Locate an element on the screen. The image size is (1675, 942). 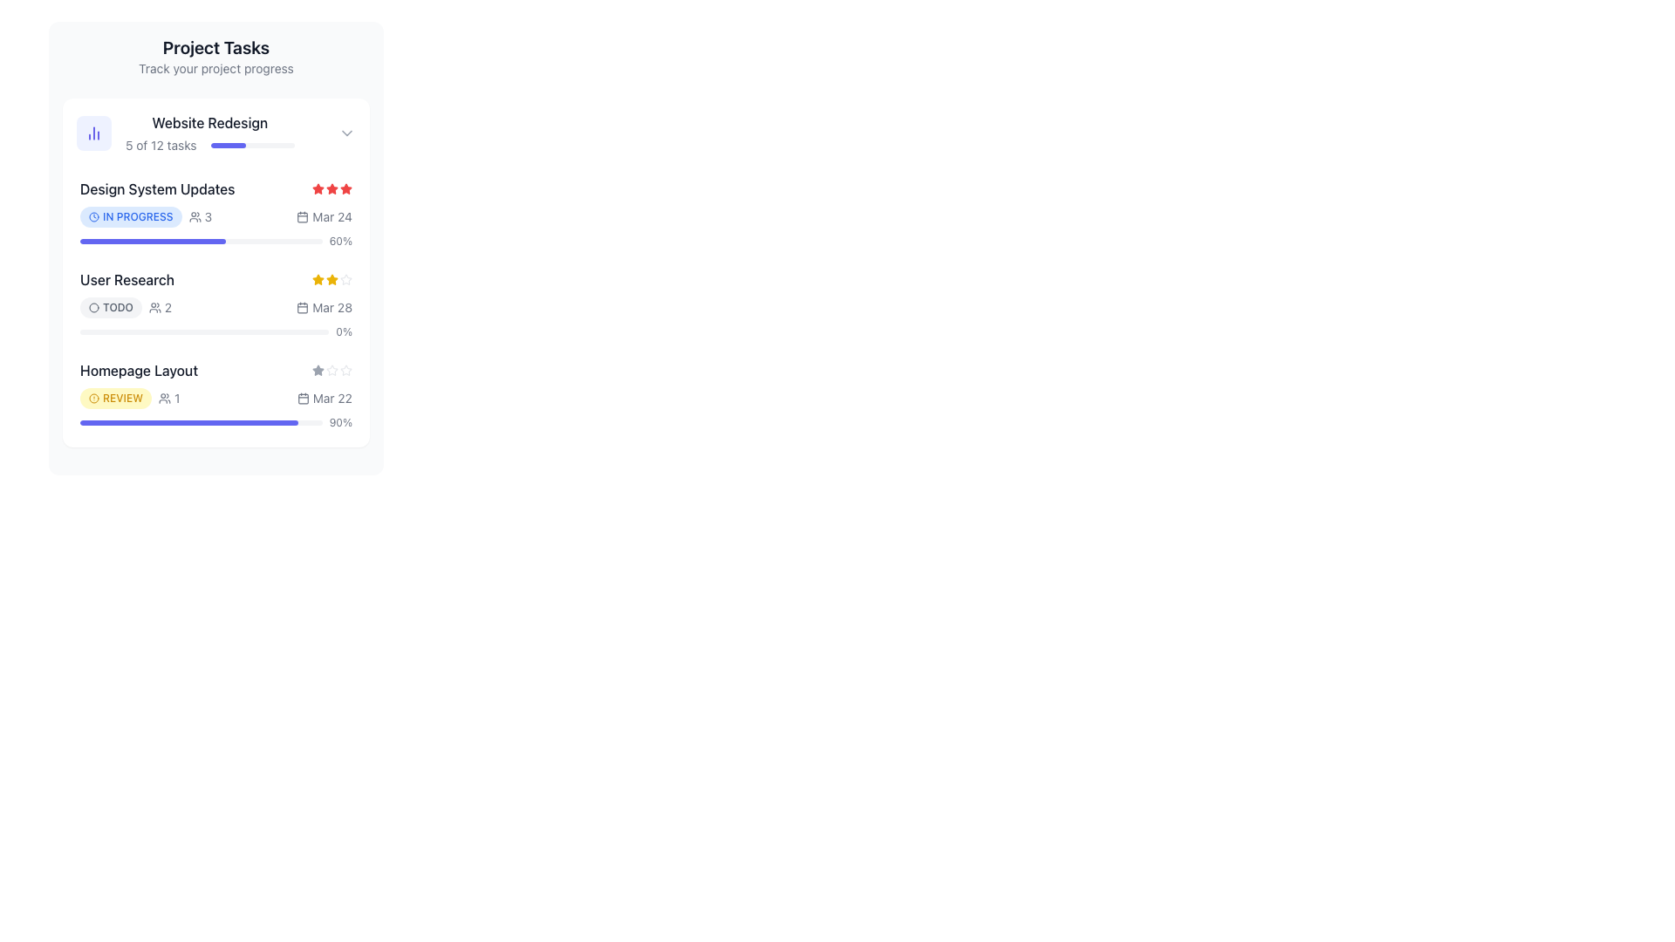
the label with icon indicating the number of participants related to the task 'Design System Updates', located to the right of the blue 'IN PROGRESS' tag is located at coordinates (201, 216).